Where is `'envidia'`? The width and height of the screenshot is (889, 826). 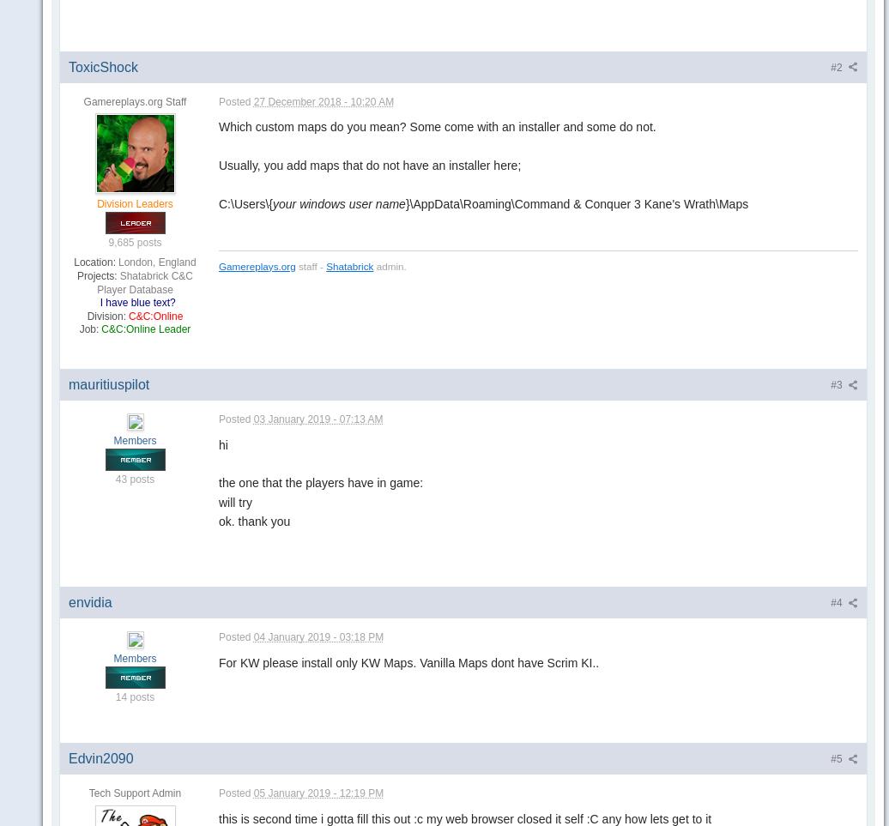
'envidia' is located at coordinates (90, 600).